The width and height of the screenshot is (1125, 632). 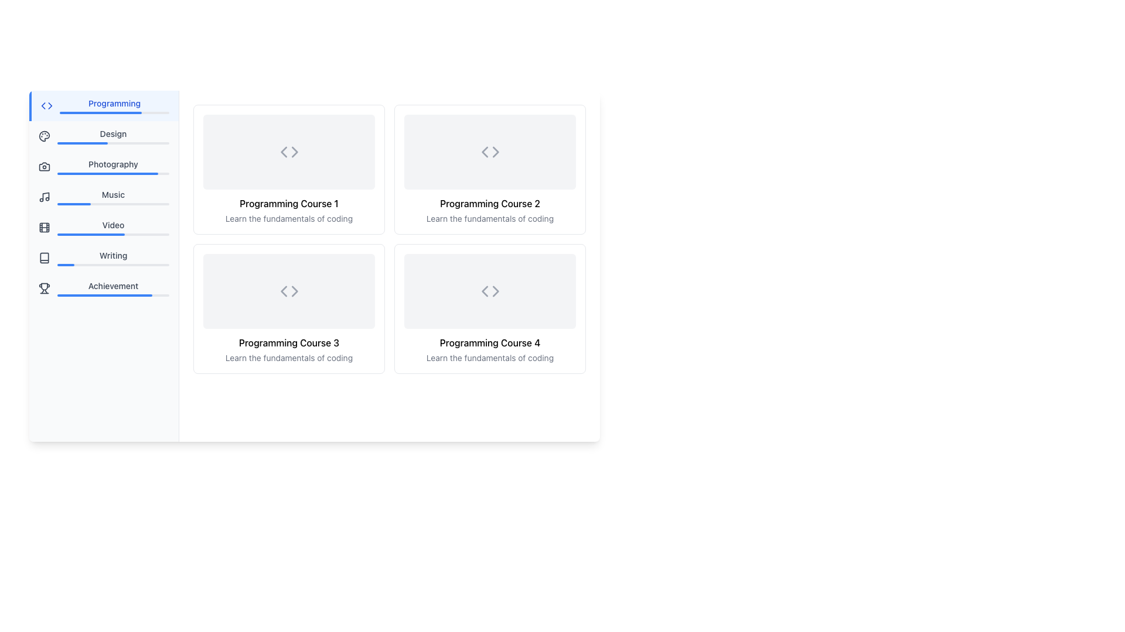 I want to click on the circular icon representing a palette located in the navigation sidebar next to the 'Design' label, so click(x=45, y=135).